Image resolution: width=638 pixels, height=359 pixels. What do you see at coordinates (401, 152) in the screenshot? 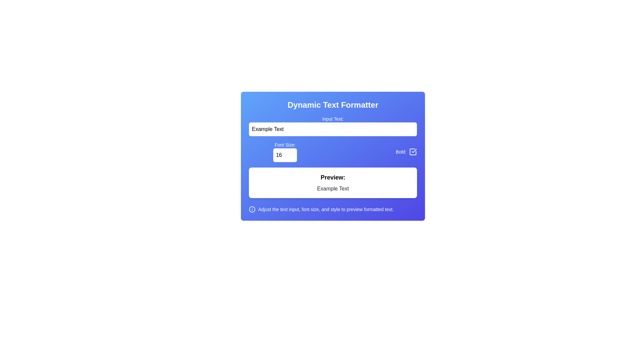
I see `the label indicating the purpose of the associated checkbox that toggles 'Bold' styling, located to the left of the check icon` at bounding box center [401, 152].